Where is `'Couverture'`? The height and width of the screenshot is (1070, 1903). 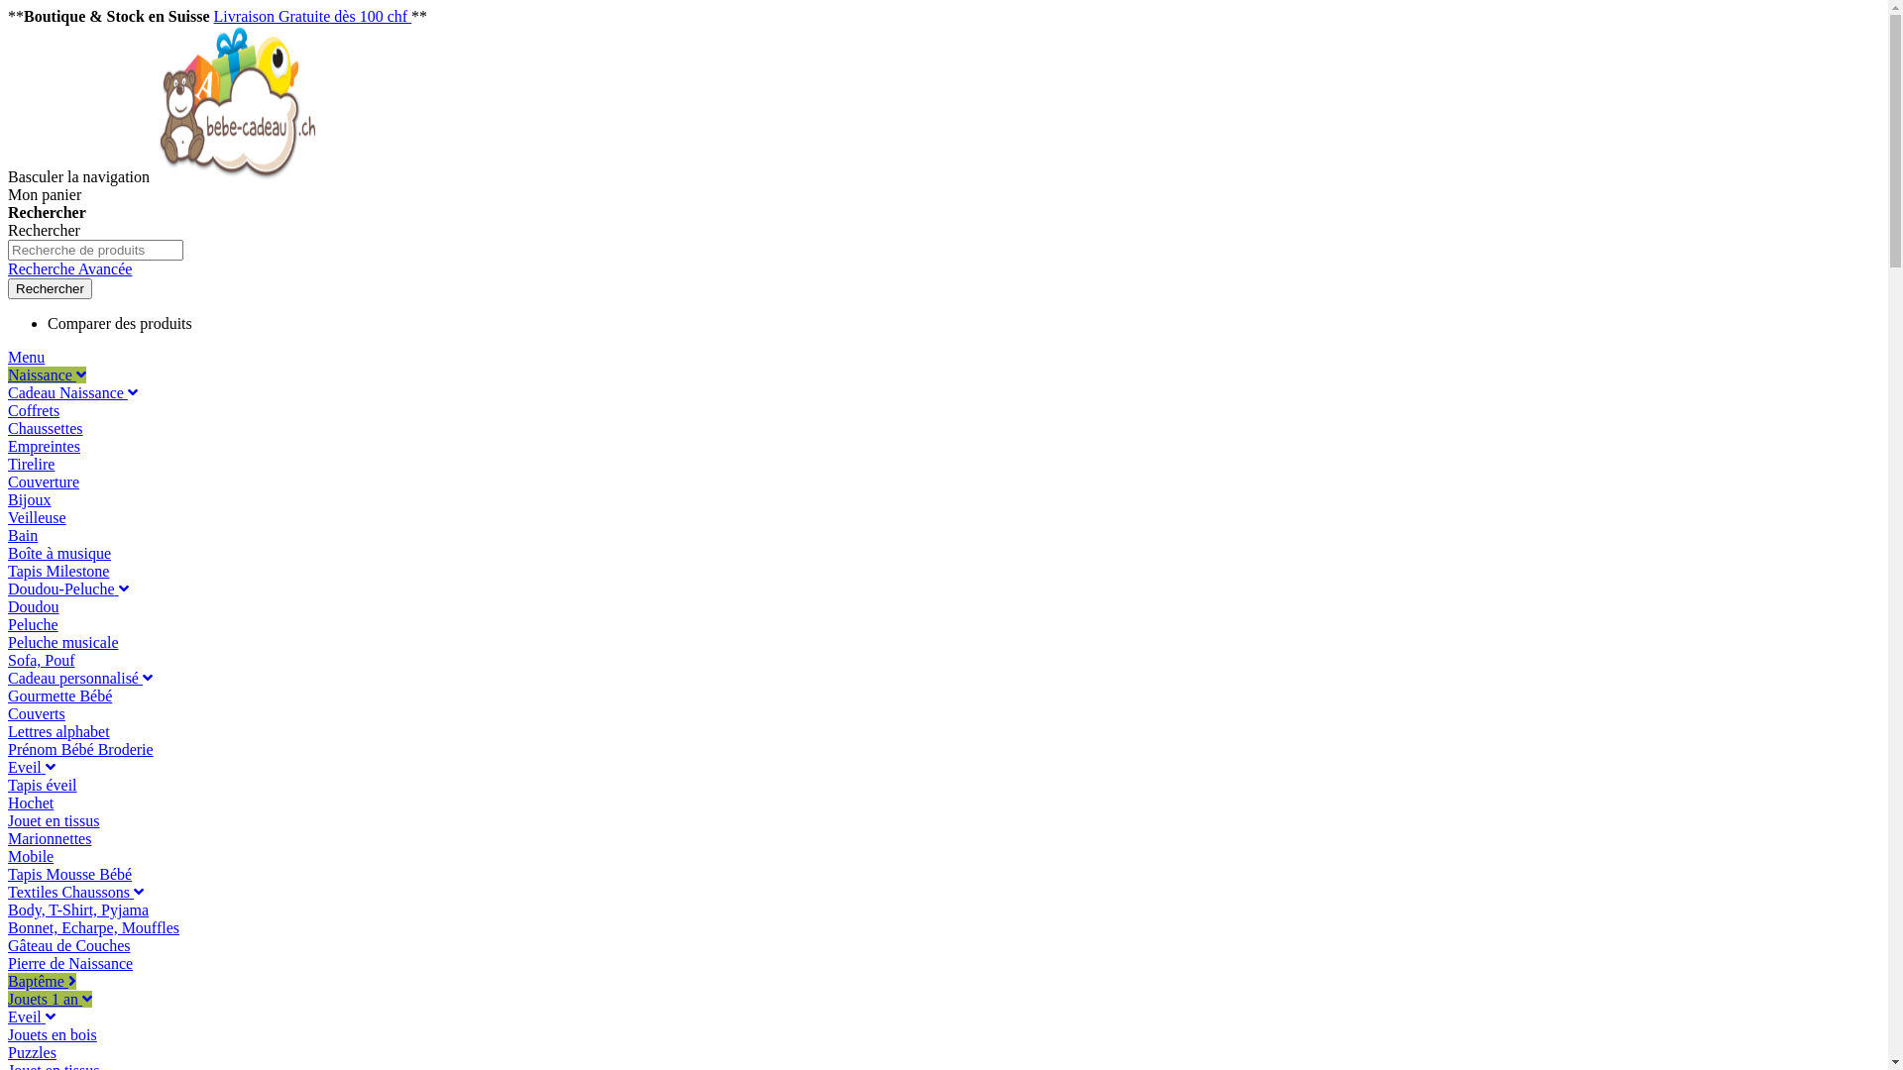 'Couverture' is located at coordinates (43, 481).